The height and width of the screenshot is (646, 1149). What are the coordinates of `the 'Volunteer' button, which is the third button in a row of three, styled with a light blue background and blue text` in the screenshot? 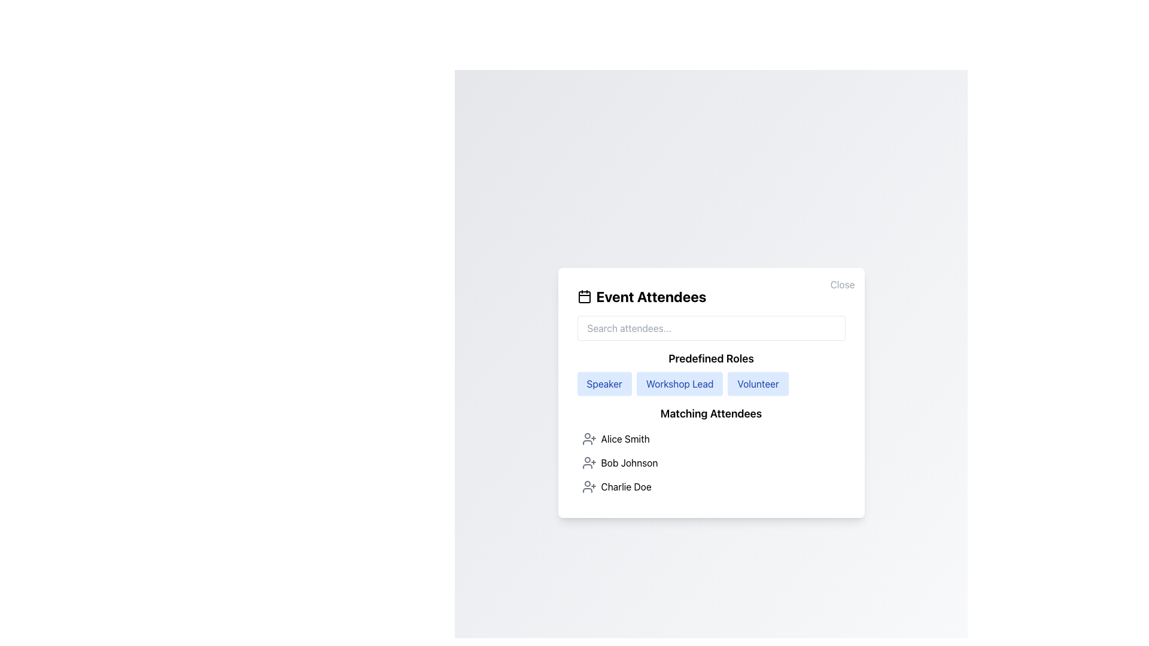 It's located at (758, 383).